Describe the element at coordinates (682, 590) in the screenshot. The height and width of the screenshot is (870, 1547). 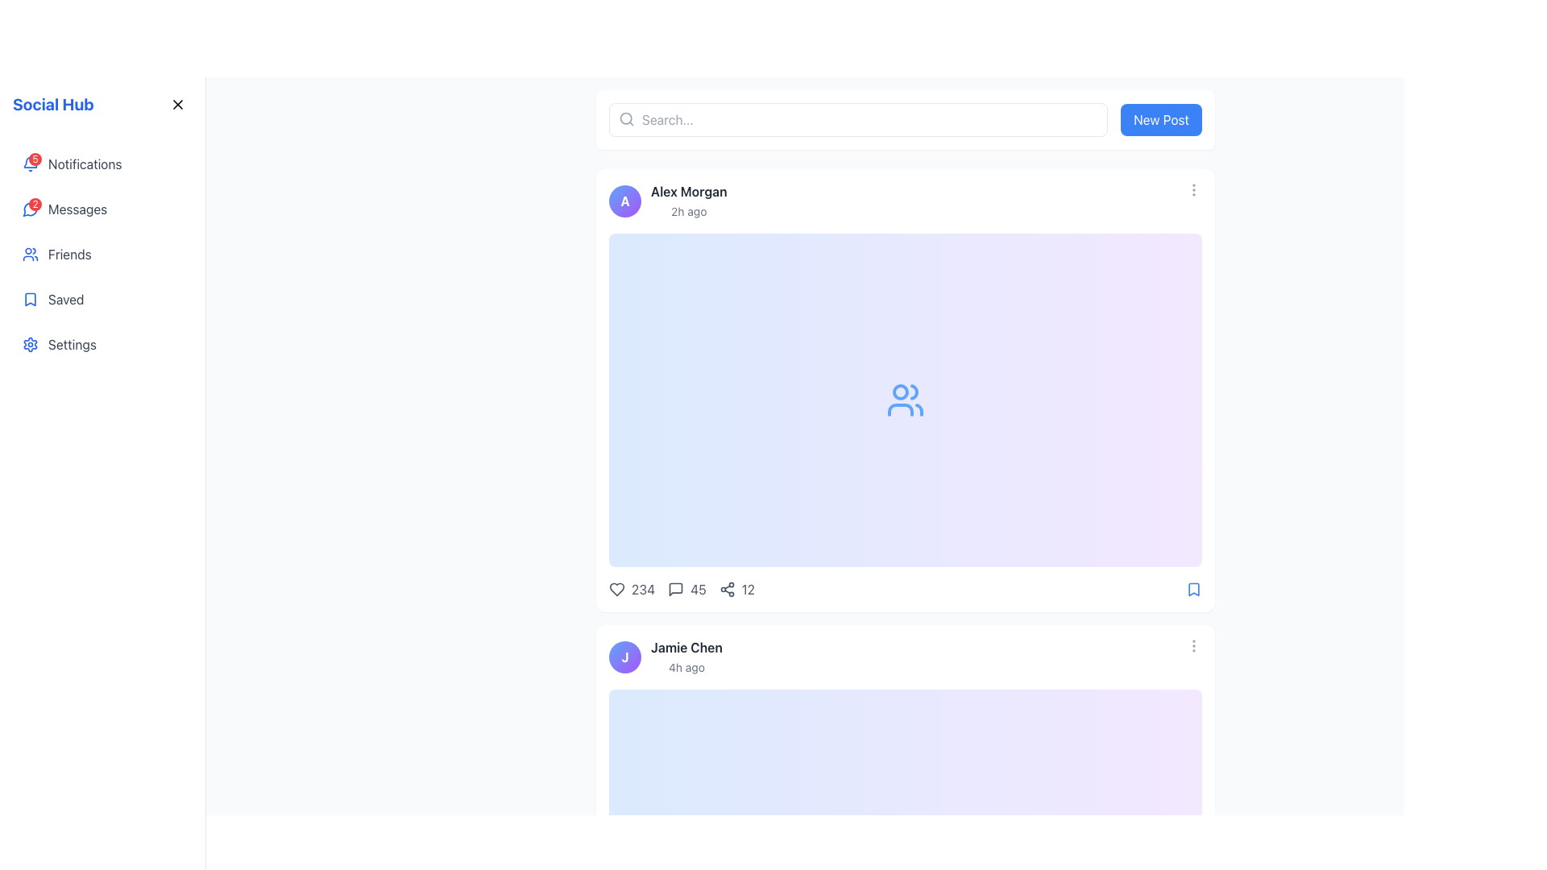
I see `the comments counter displayed adjacent to the speech bubble icon` at that location.